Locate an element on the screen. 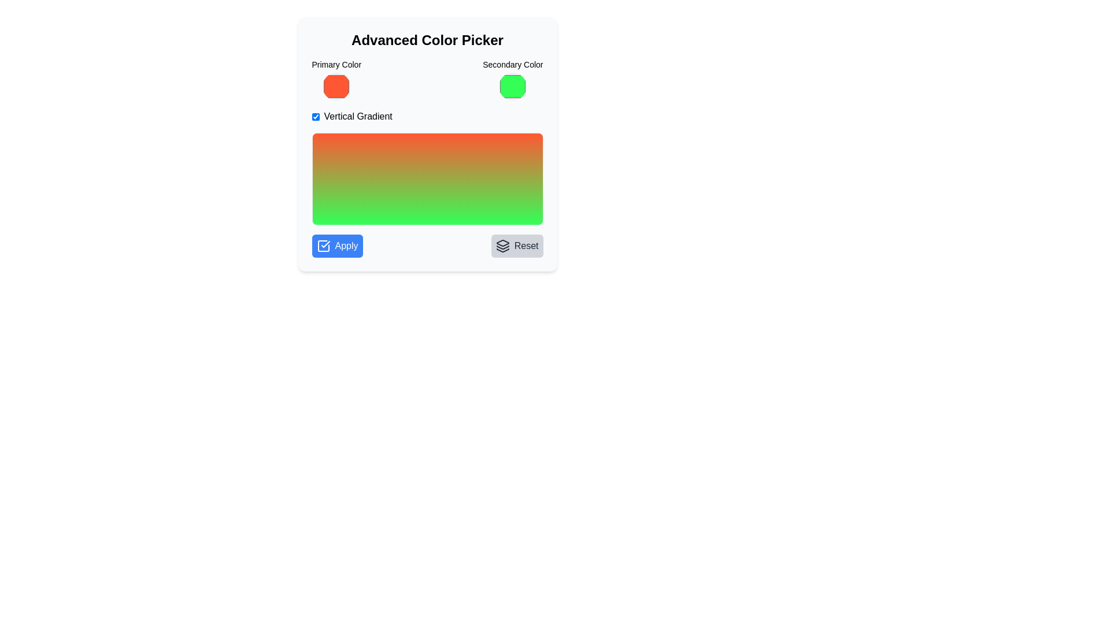 Image resolution: width=1110 pixels, height=624 pixels. the circular red button located beneath the 'Primary Color' text is located at coordinates (336, 86).